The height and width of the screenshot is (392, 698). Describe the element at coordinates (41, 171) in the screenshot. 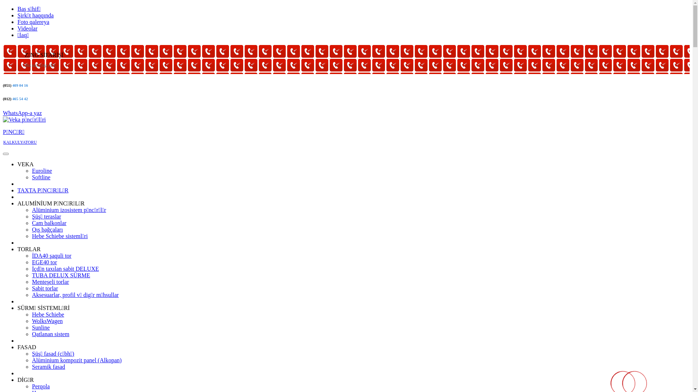

I see `'Euroline'` at that location.